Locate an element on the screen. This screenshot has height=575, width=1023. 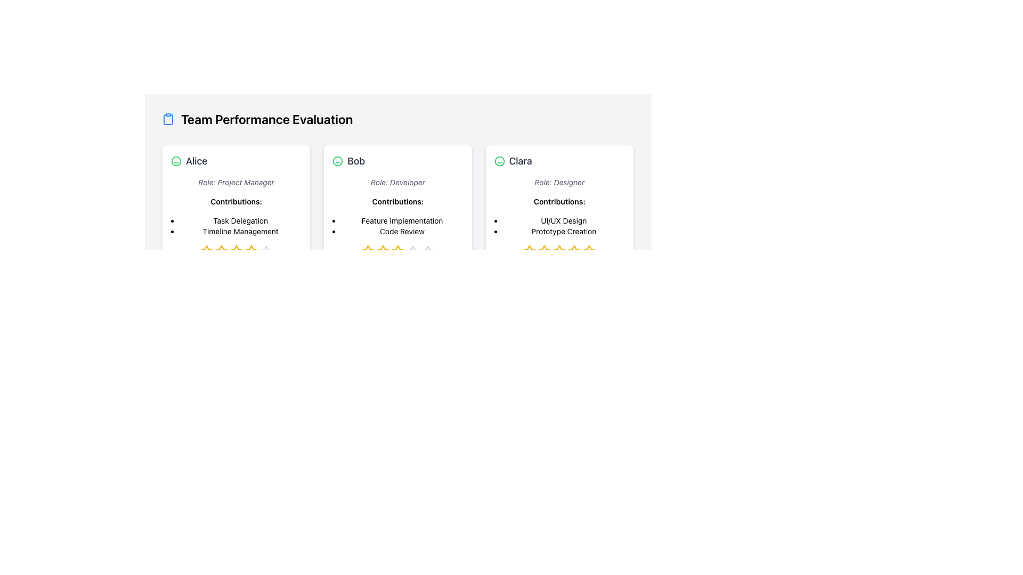
the sixth star is located at coordinates (250, 252).